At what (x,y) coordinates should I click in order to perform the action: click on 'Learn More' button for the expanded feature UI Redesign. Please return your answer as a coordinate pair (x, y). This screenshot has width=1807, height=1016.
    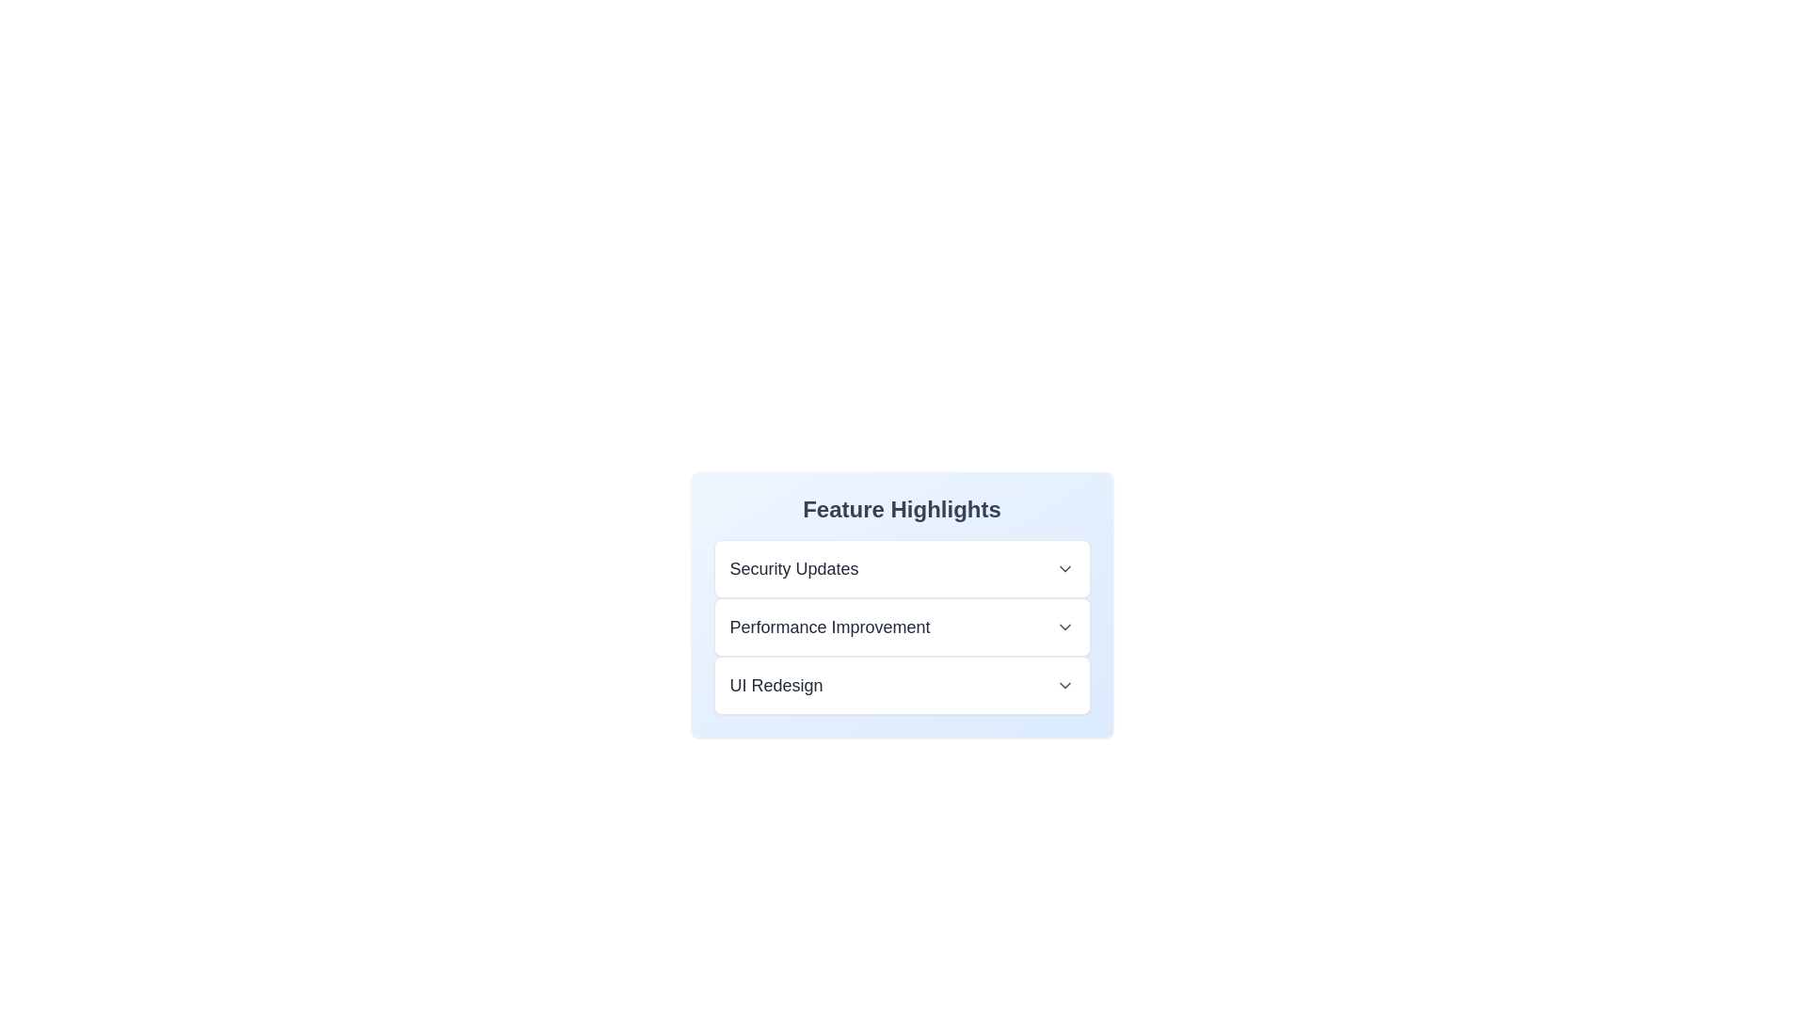
    Looking at the image, I should click on (753, 677).